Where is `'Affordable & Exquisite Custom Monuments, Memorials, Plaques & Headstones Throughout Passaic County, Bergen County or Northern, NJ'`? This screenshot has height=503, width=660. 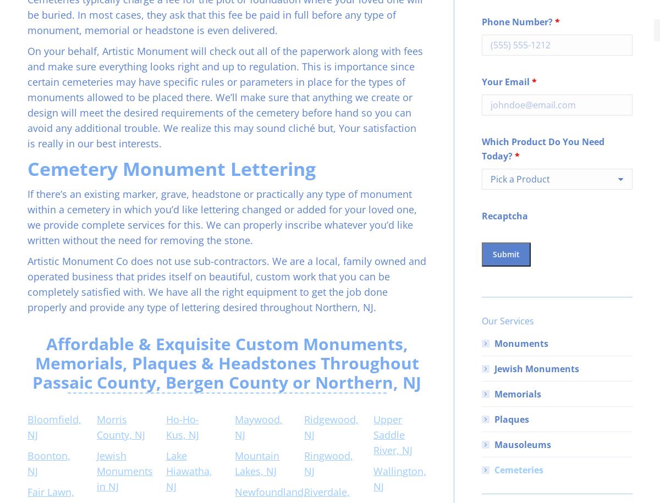 'Affordable & Exquisite Custom Monuments, Memorials, Plaques & Headstones Throughout Passaic County, Bergen County or Northern, NJ' is located at coordinates (227, 363).